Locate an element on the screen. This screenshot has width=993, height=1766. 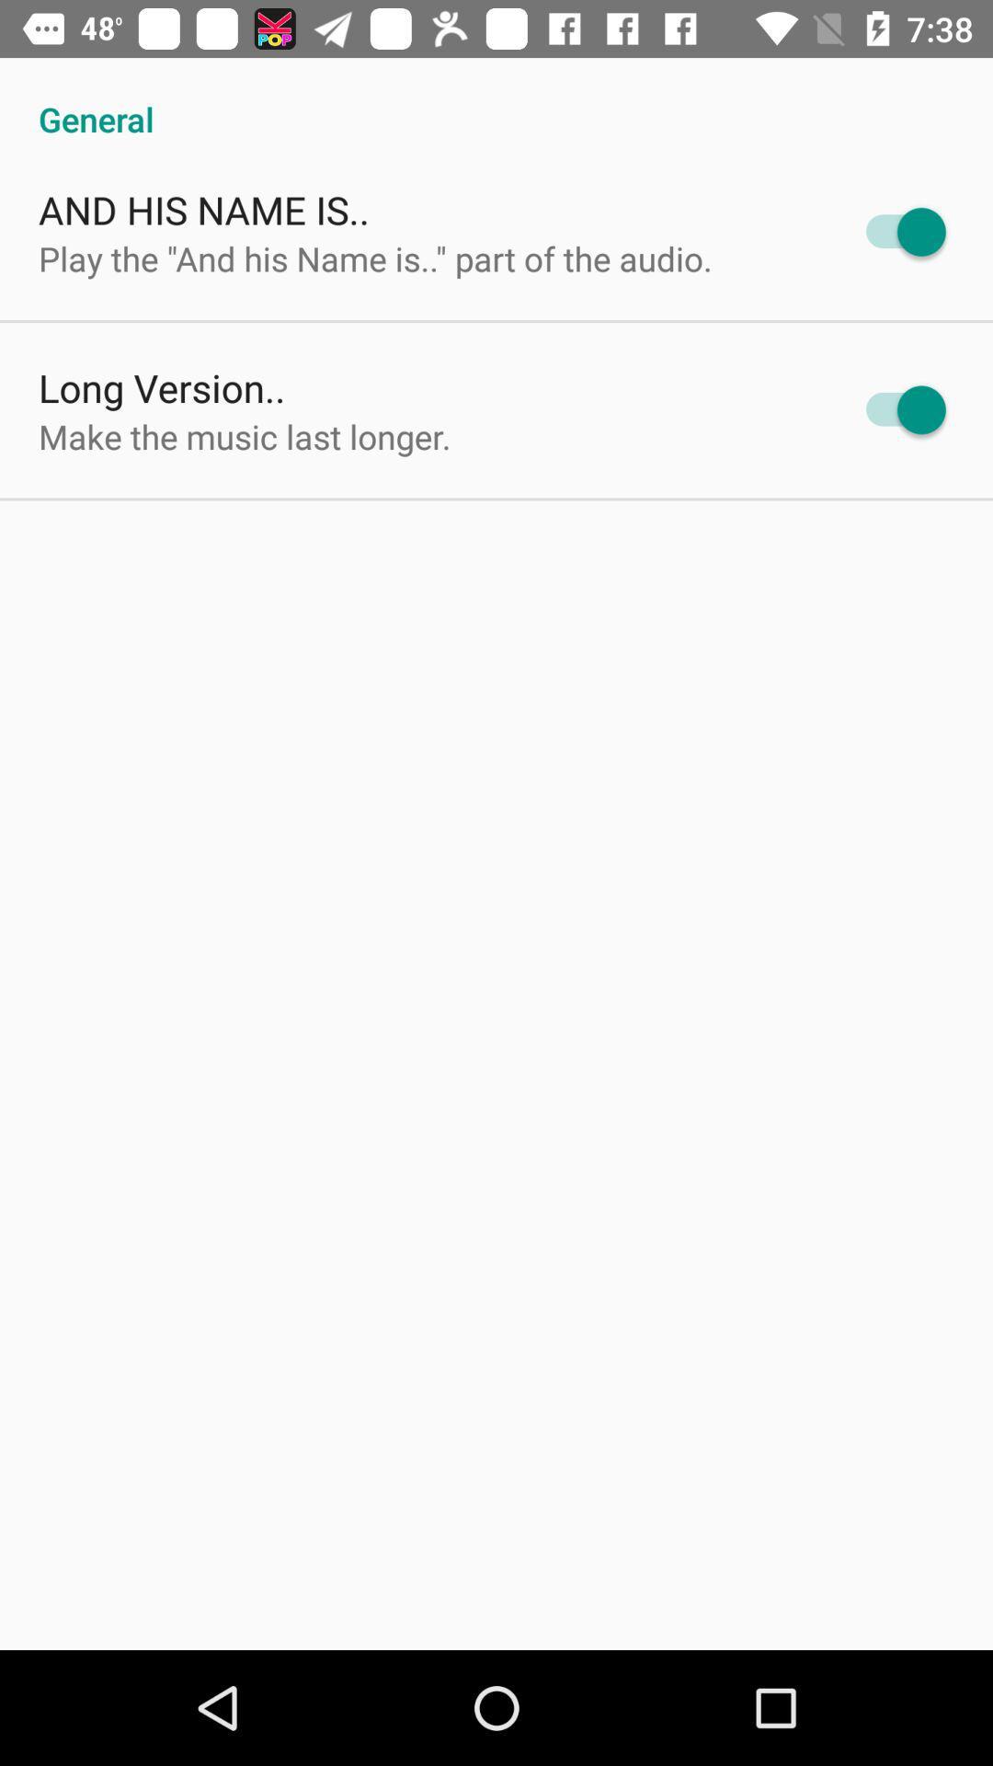
icon above the and his name item is located at coordinates (496, 98).